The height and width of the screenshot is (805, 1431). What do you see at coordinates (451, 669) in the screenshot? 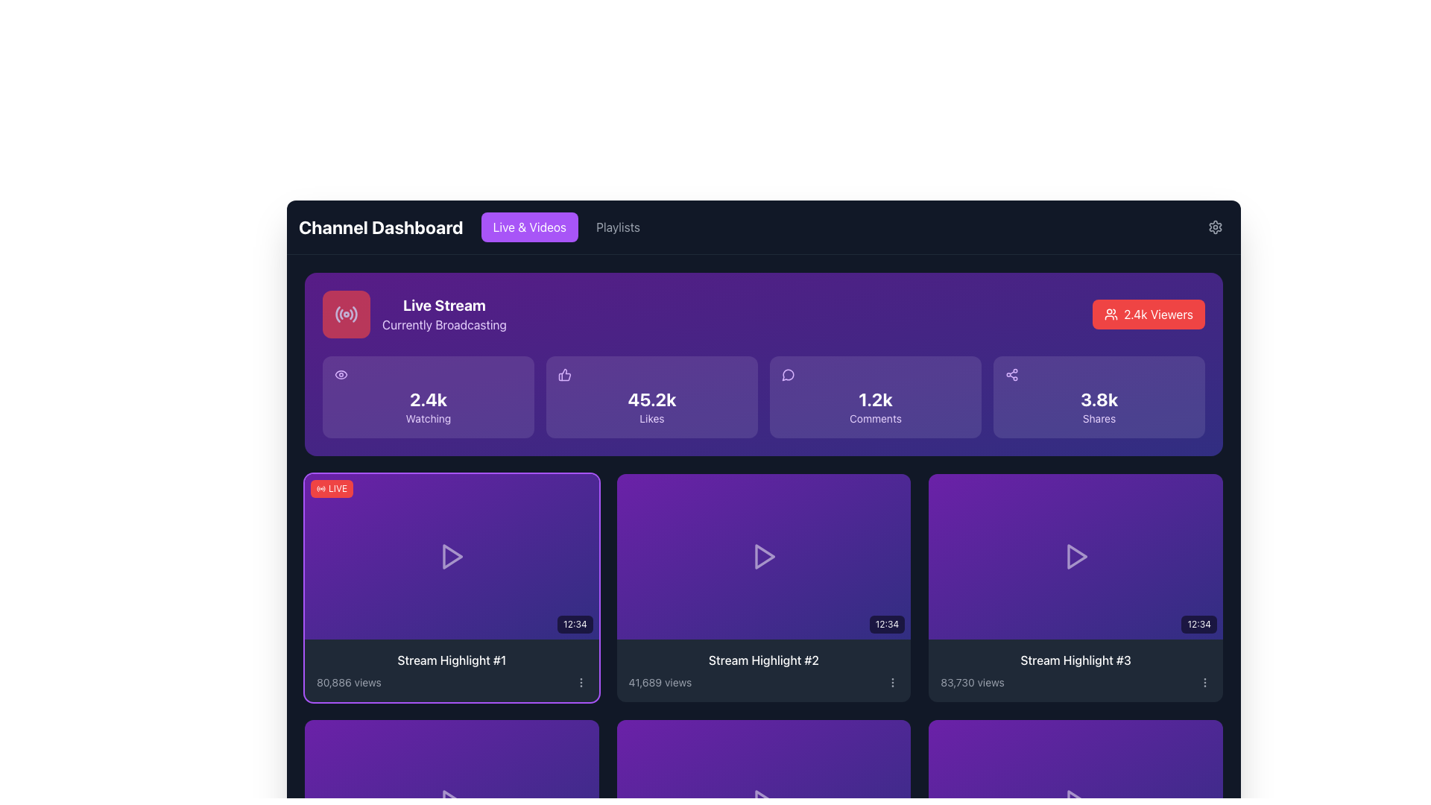
I see `the title text label in the informational footer of the first video card in the grid layout to interact with it` at bounding box center [451, 669].